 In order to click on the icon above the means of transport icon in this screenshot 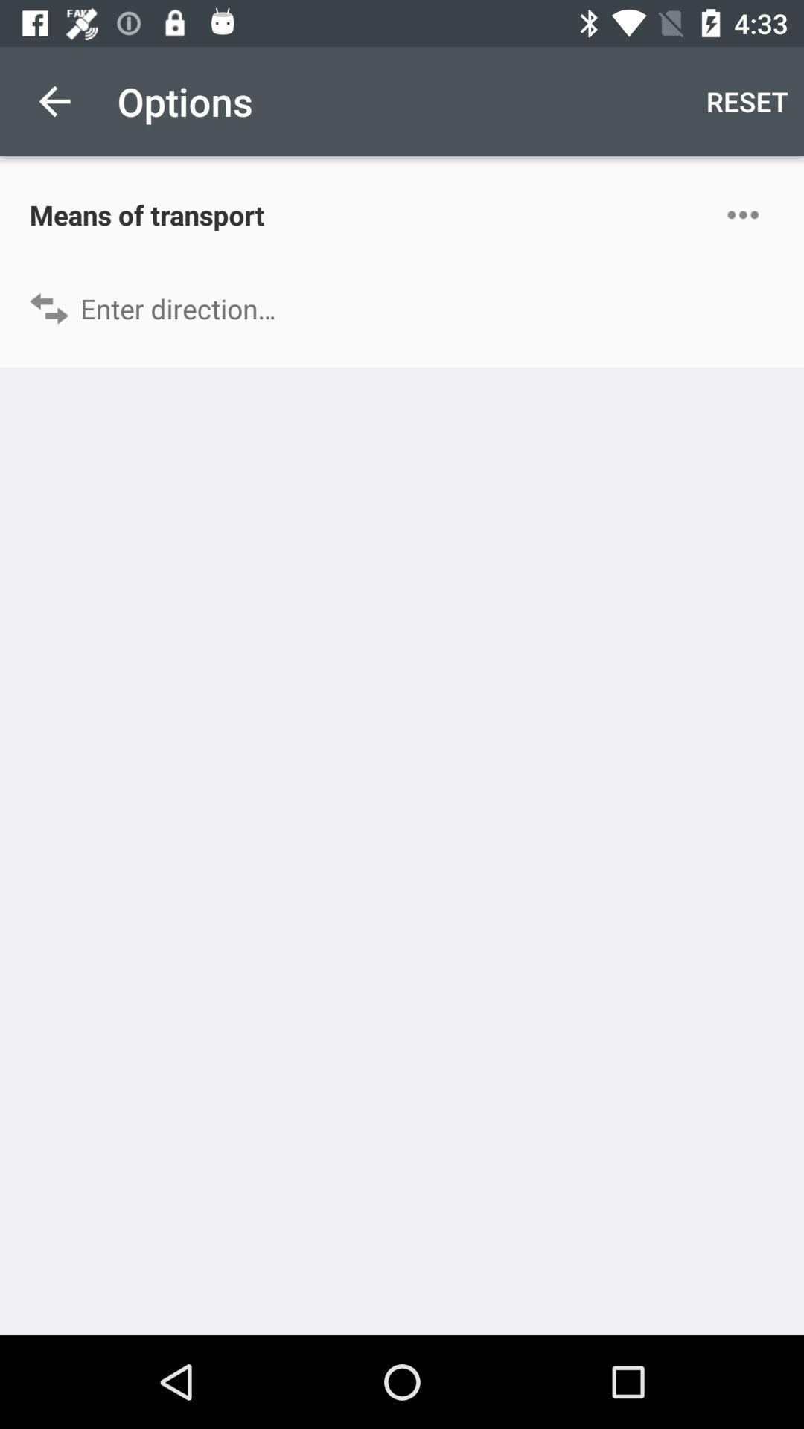, I will do `click(54, 100)`.